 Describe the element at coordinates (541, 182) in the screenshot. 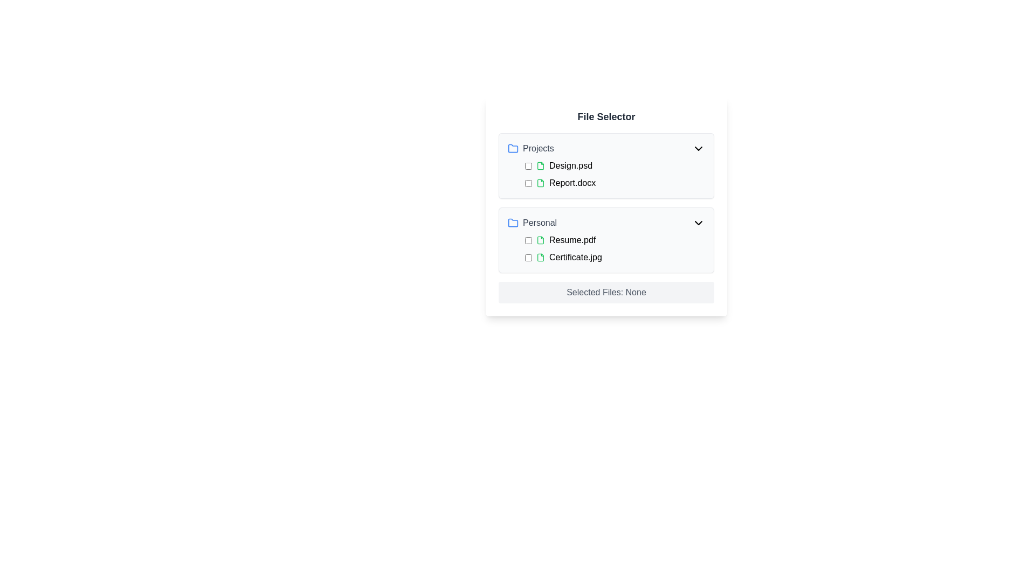

I see `the small rectangular icon resembling a file document with a green border, located in the 'Projects' section adjacent to 'Report.docx'` at that location.